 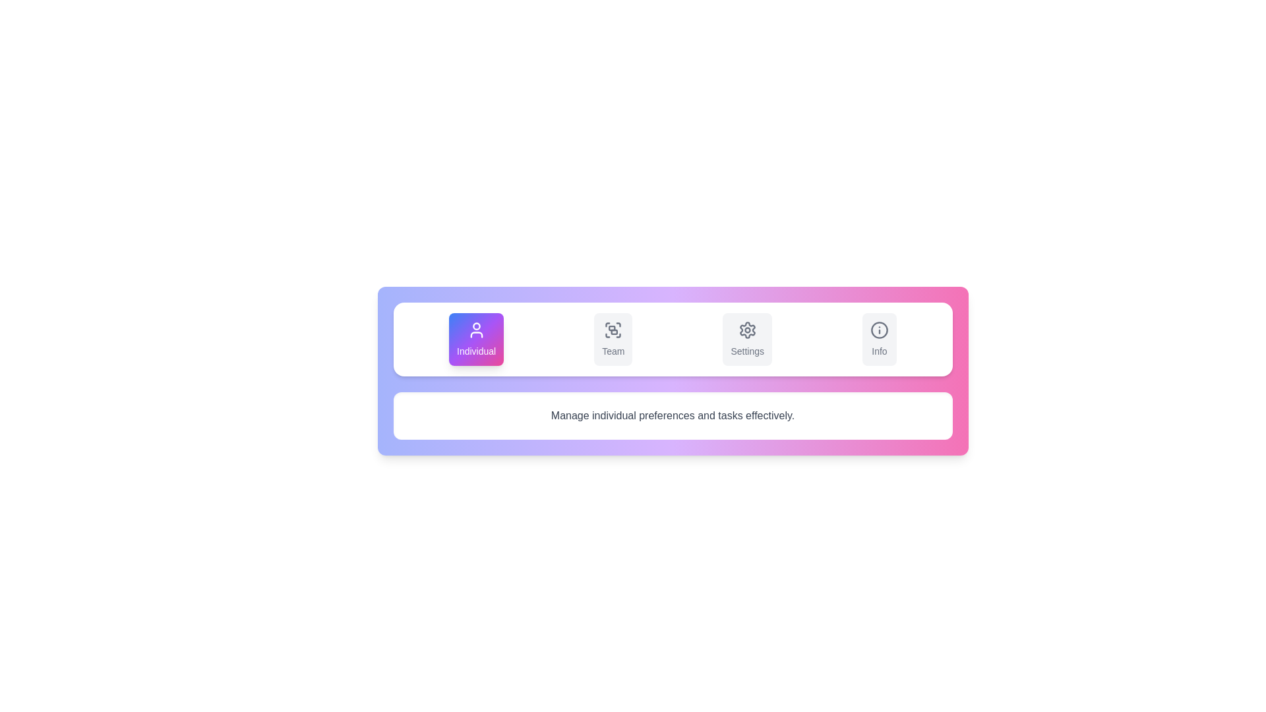 I want to click on the settings icon located in the third slot of the horizontally aligned options menu, so click(x=747, y=330).